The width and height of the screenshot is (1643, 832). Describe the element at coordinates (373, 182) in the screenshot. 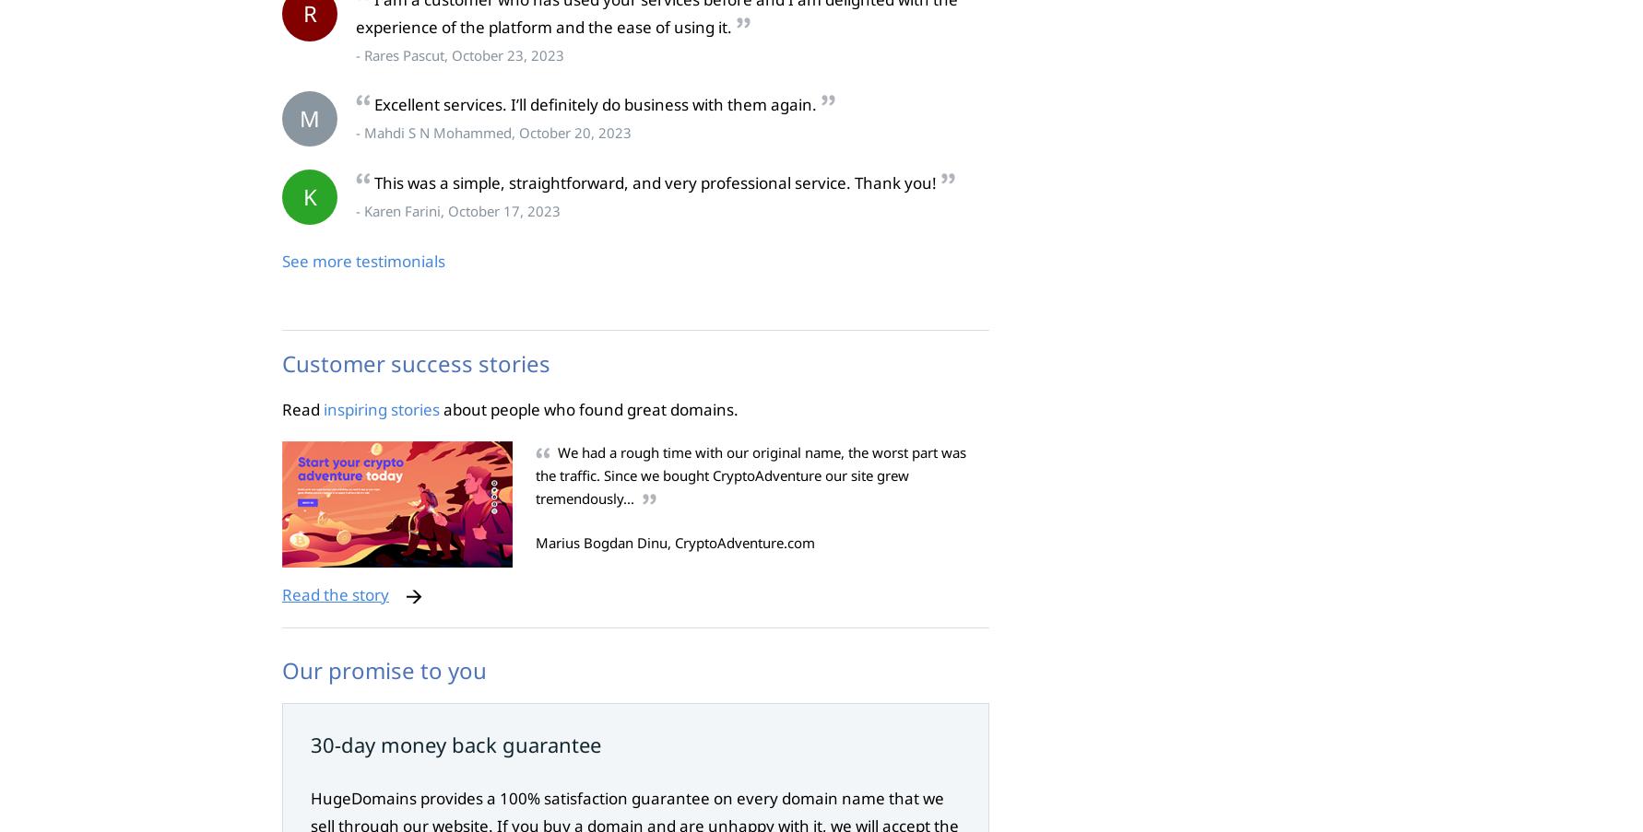

I see `'This was a simple, straightforward, and very professional service. Thank you!'` at that location.